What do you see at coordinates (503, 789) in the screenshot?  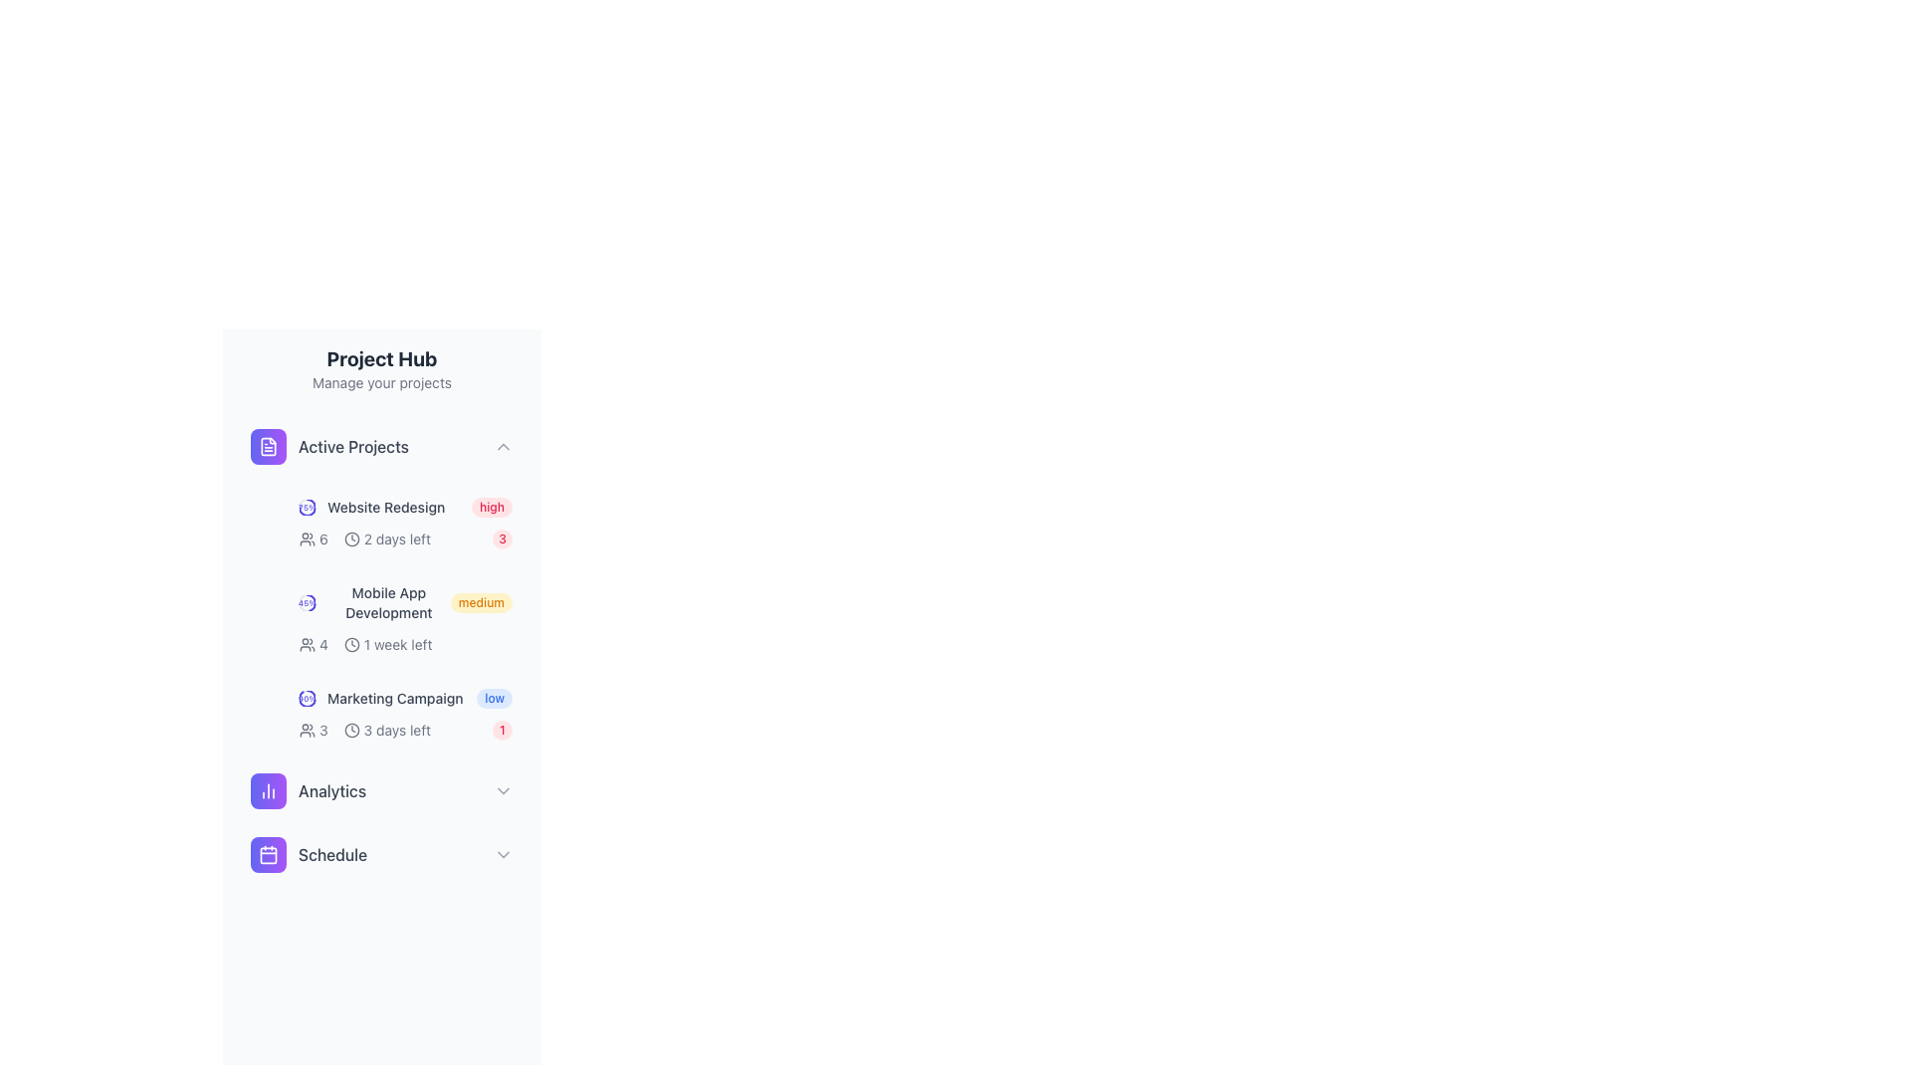 I see `the dropdown toggle icon located at the rightmost part of the 'Analytics' section in the menu` at bounding box center [503, 789].